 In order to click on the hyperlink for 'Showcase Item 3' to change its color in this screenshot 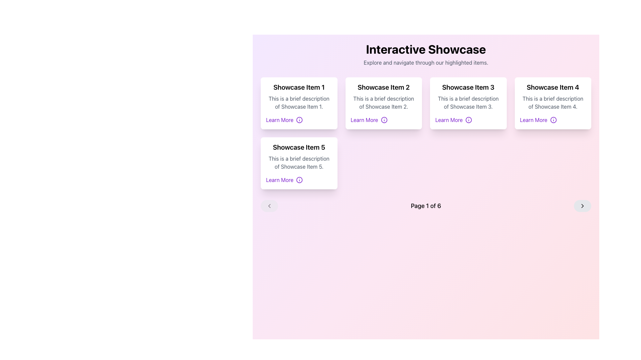, I will do `click(468, 119)`.